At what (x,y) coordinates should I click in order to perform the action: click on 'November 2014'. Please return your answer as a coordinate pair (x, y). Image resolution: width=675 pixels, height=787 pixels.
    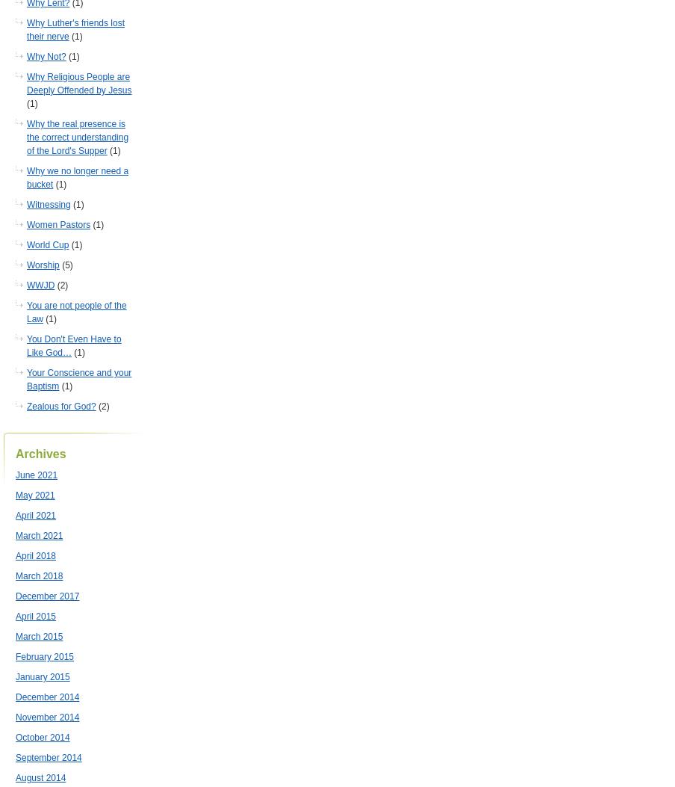
    Looking at the image, I should click on (14, 717).